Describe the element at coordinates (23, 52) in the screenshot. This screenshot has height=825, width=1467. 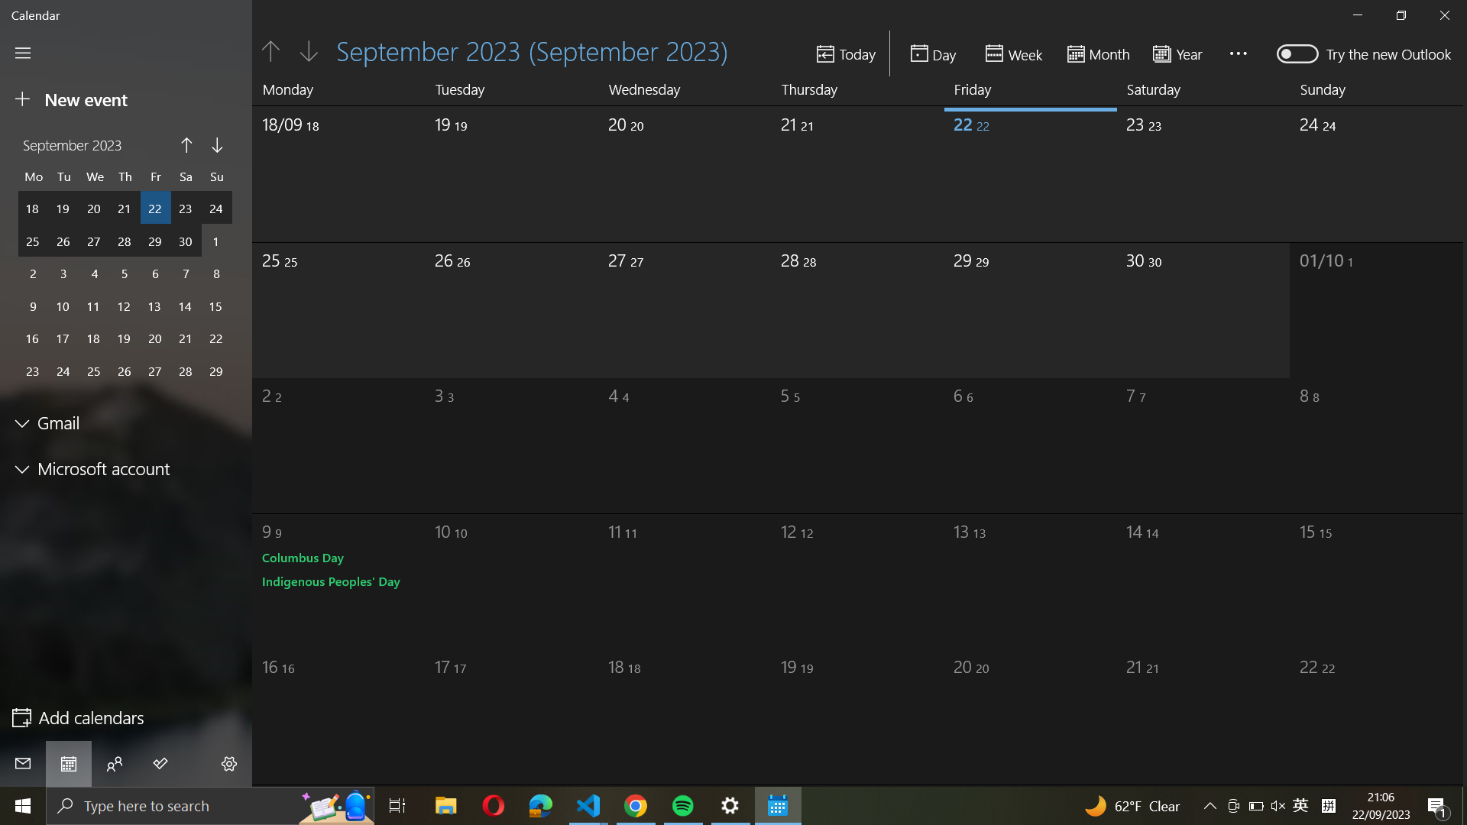
I see `Collapse the calendar"s side menu` at that location.